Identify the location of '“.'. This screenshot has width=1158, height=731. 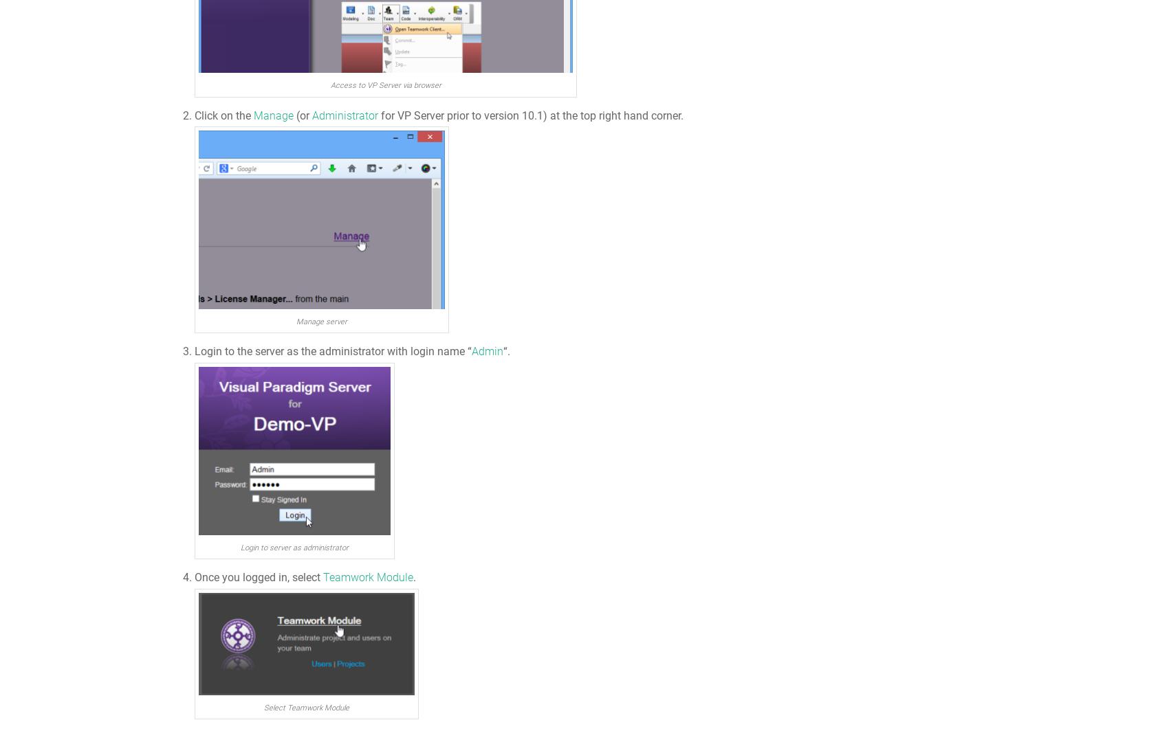
(506, 351).